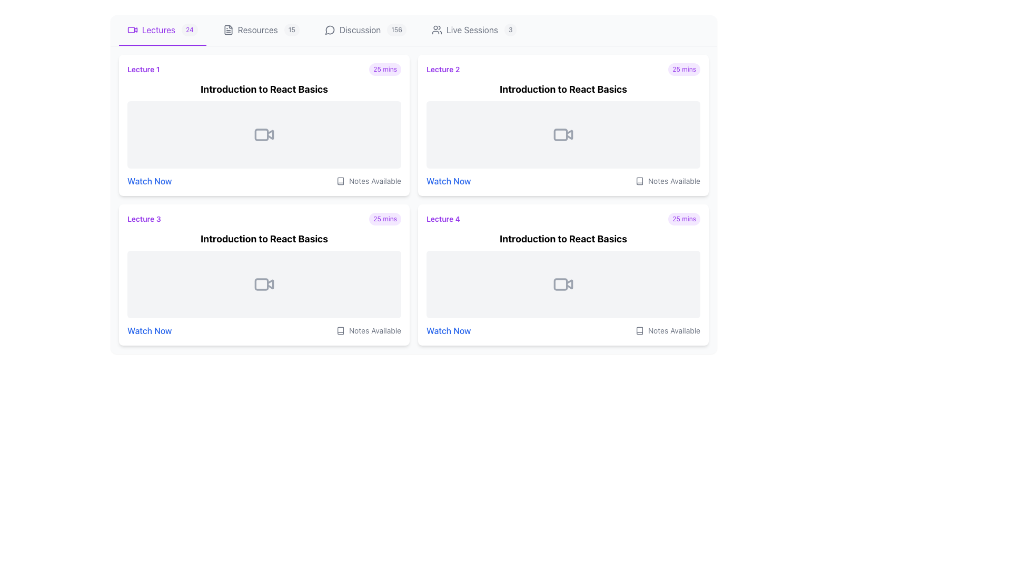 Image resolution: width=1011 pixels, height=569 pixels. I want to click on the video camera icon, which is a minimalistic light gray icon centered in the top-left card of a grid, to interact with associated content, so click(264, 134).